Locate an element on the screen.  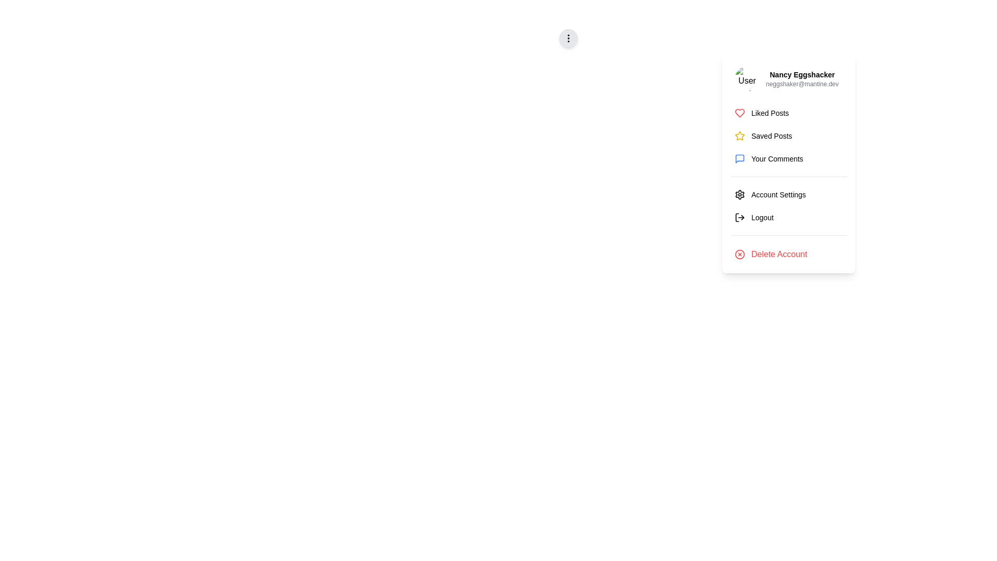
the gear-shaped icon next to the 'Account Settings' label is located at coordinates (739, 194).